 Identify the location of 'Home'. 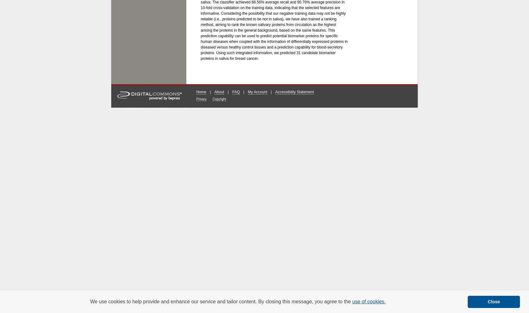
(201, 92).